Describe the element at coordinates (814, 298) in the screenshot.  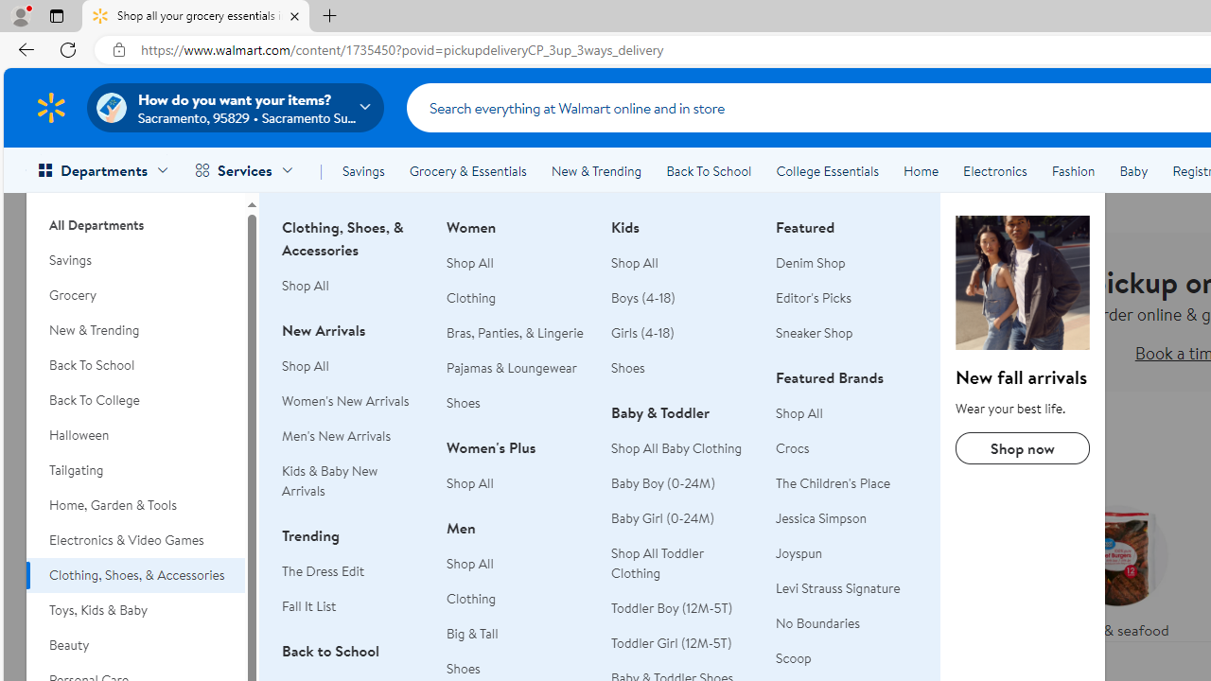
I see `'Editor'` at that location.